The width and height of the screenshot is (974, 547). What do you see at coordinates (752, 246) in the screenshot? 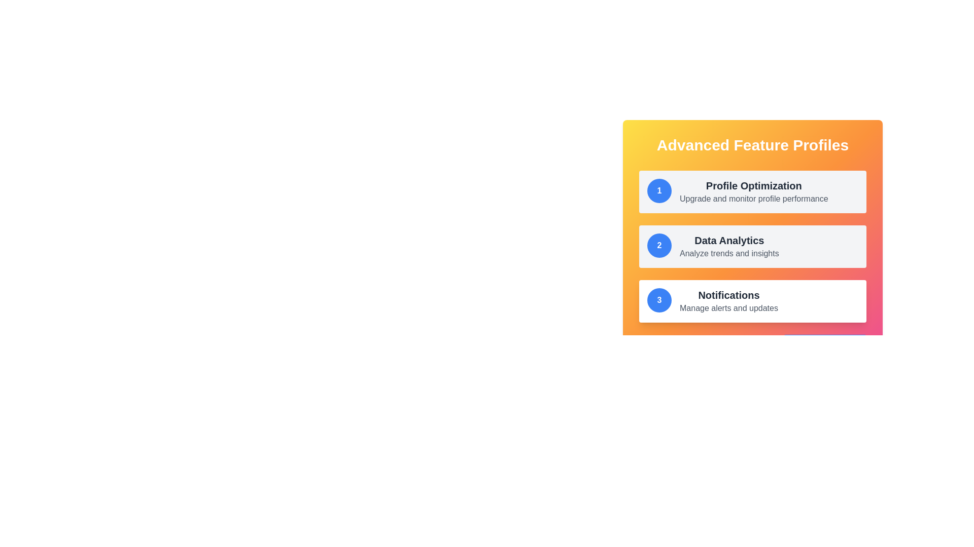
I see `to select the 'Data Analytics' feature option, which is the second card in the 'Advanced Feature Profiles' section` at bounding box center [752, 246].